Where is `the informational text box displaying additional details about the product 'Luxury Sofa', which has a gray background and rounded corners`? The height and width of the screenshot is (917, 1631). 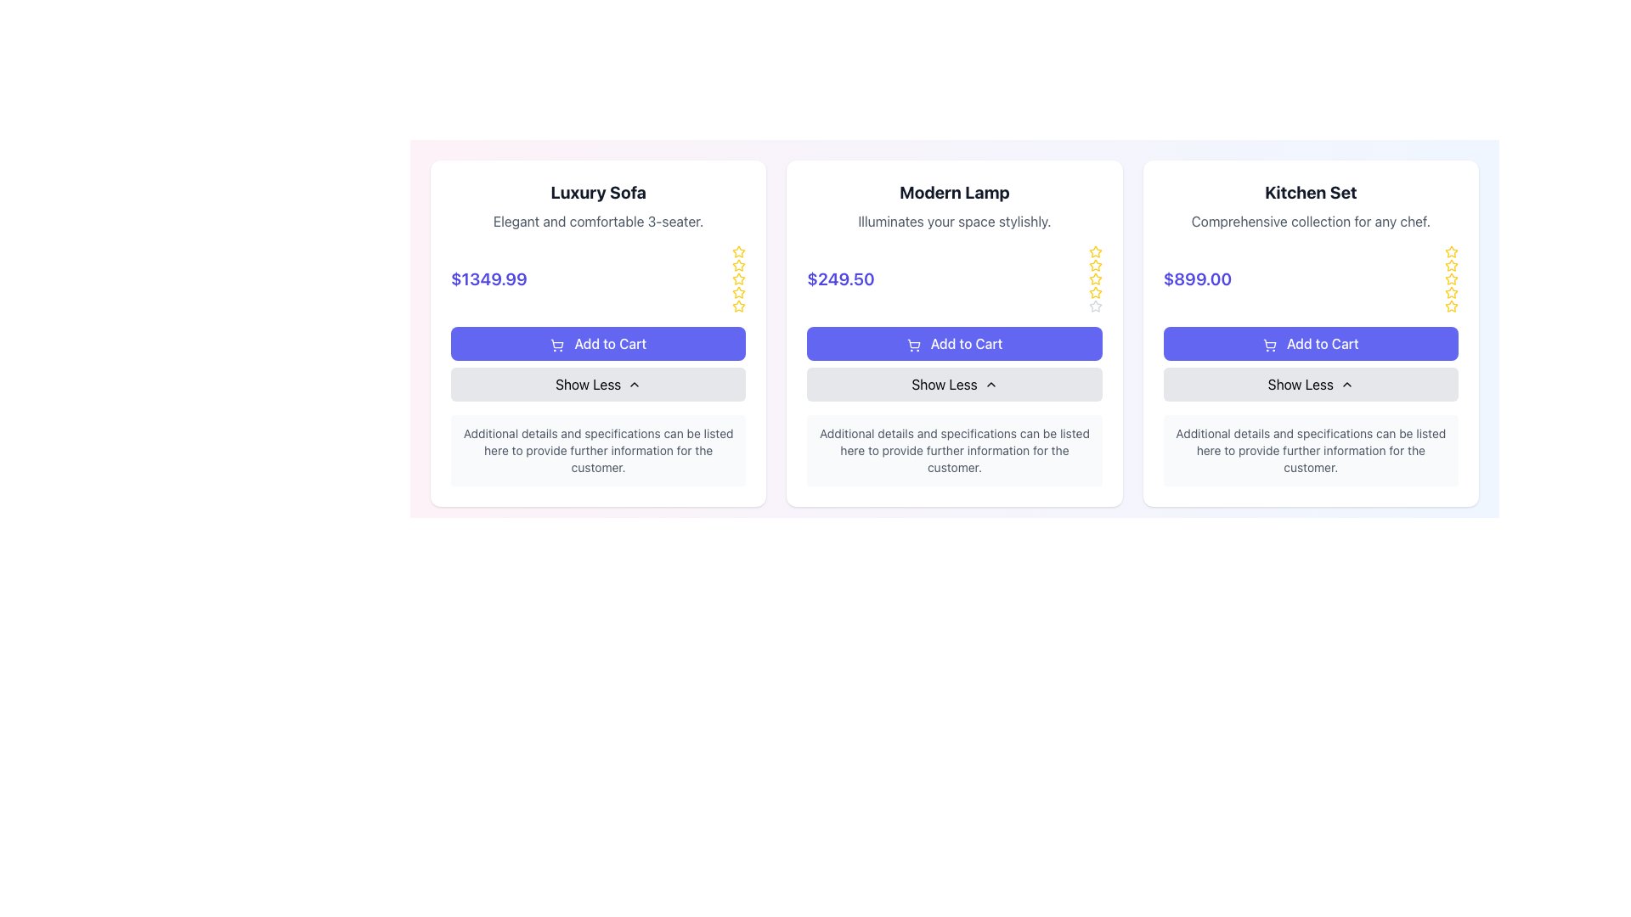
the informational text box displaying additional details about the product 'Luxury Sofa', which has a gray background and rounded corners is located at coordinates (598, 450).